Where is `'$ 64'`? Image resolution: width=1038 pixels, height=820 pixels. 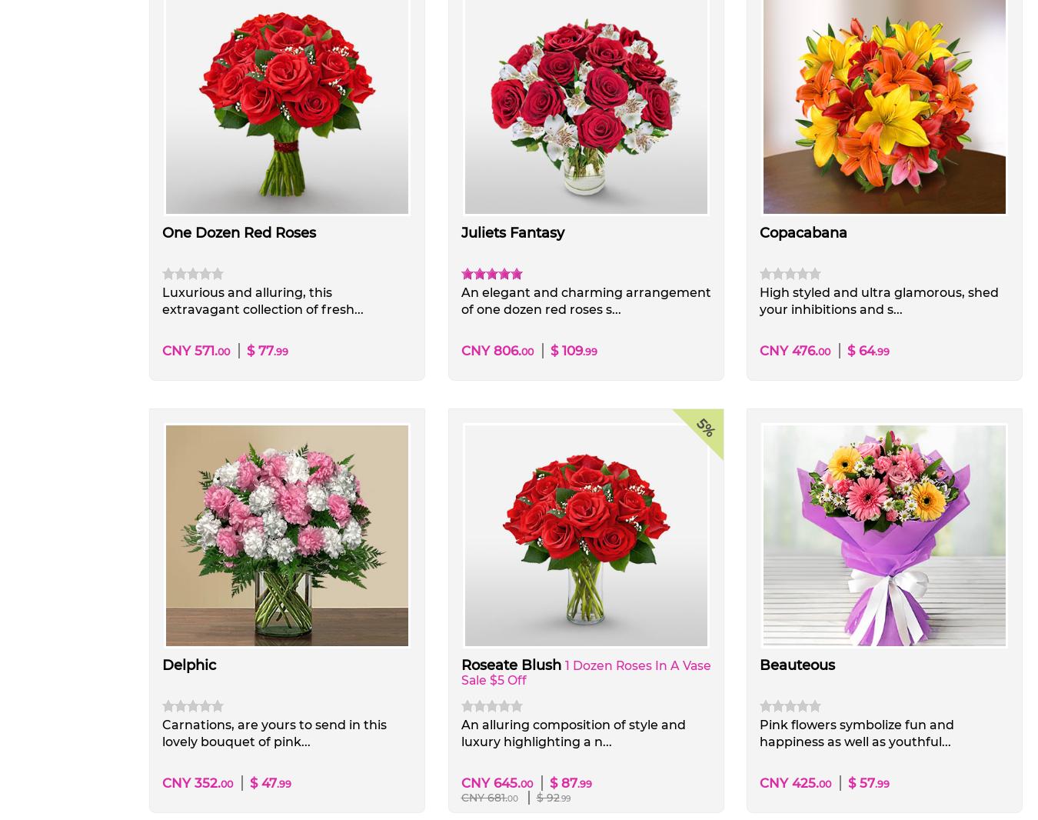 '$ 64' is located at coordinates (847, 349).